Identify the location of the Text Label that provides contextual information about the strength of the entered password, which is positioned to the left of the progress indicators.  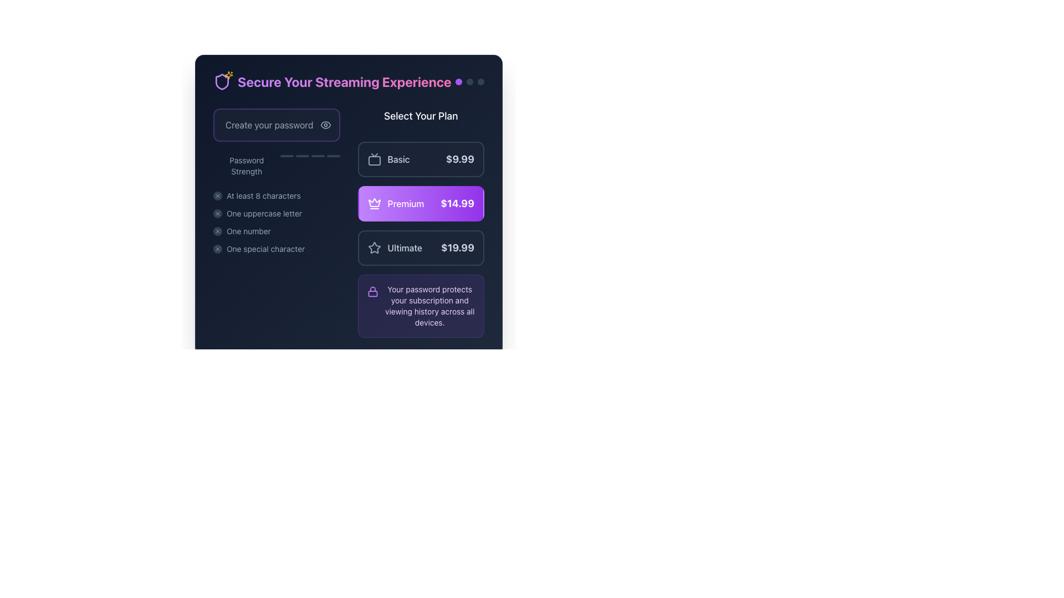
(246, 166).